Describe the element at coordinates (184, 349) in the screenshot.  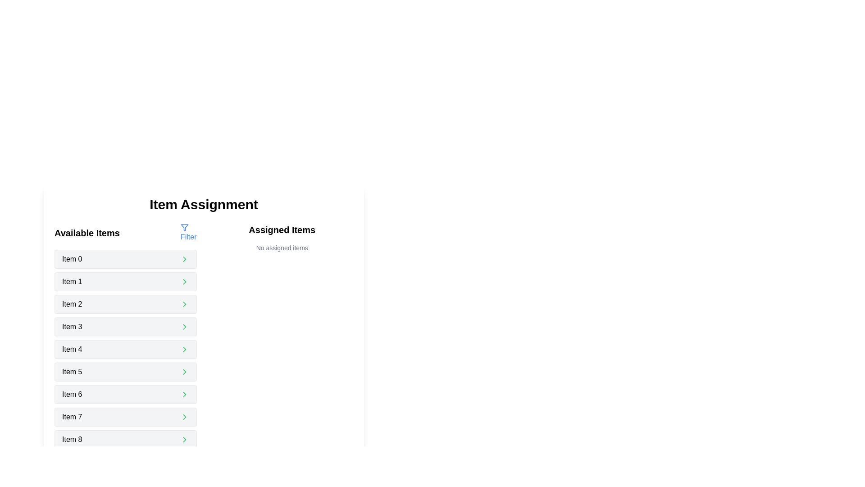
I see `the rightward pointing chevron arrow SVG icon associated with 'Item 4' in the 'Available Items' list` at that location.